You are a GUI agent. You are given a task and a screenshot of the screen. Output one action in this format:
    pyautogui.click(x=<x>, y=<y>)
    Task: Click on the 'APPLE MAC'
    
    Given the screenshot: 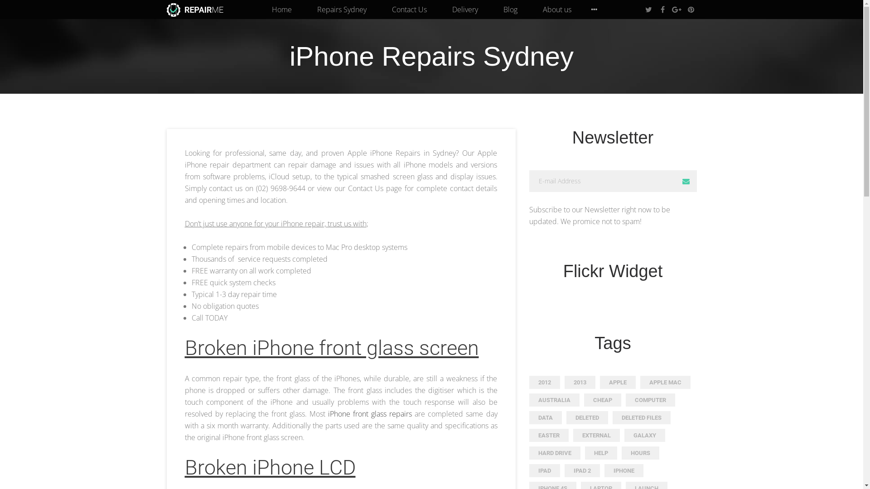 What is the action you would take?
    pyautogui.click(x=665, y=382)
    